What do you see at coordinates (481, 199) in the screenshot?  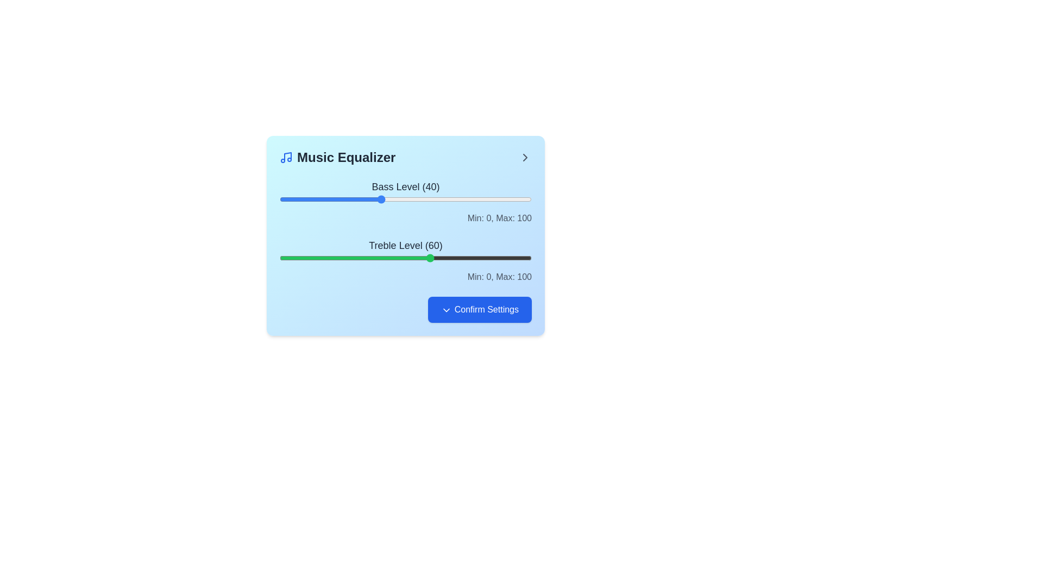 I see `the Bass Level slider` at bounding box center [481, 199].